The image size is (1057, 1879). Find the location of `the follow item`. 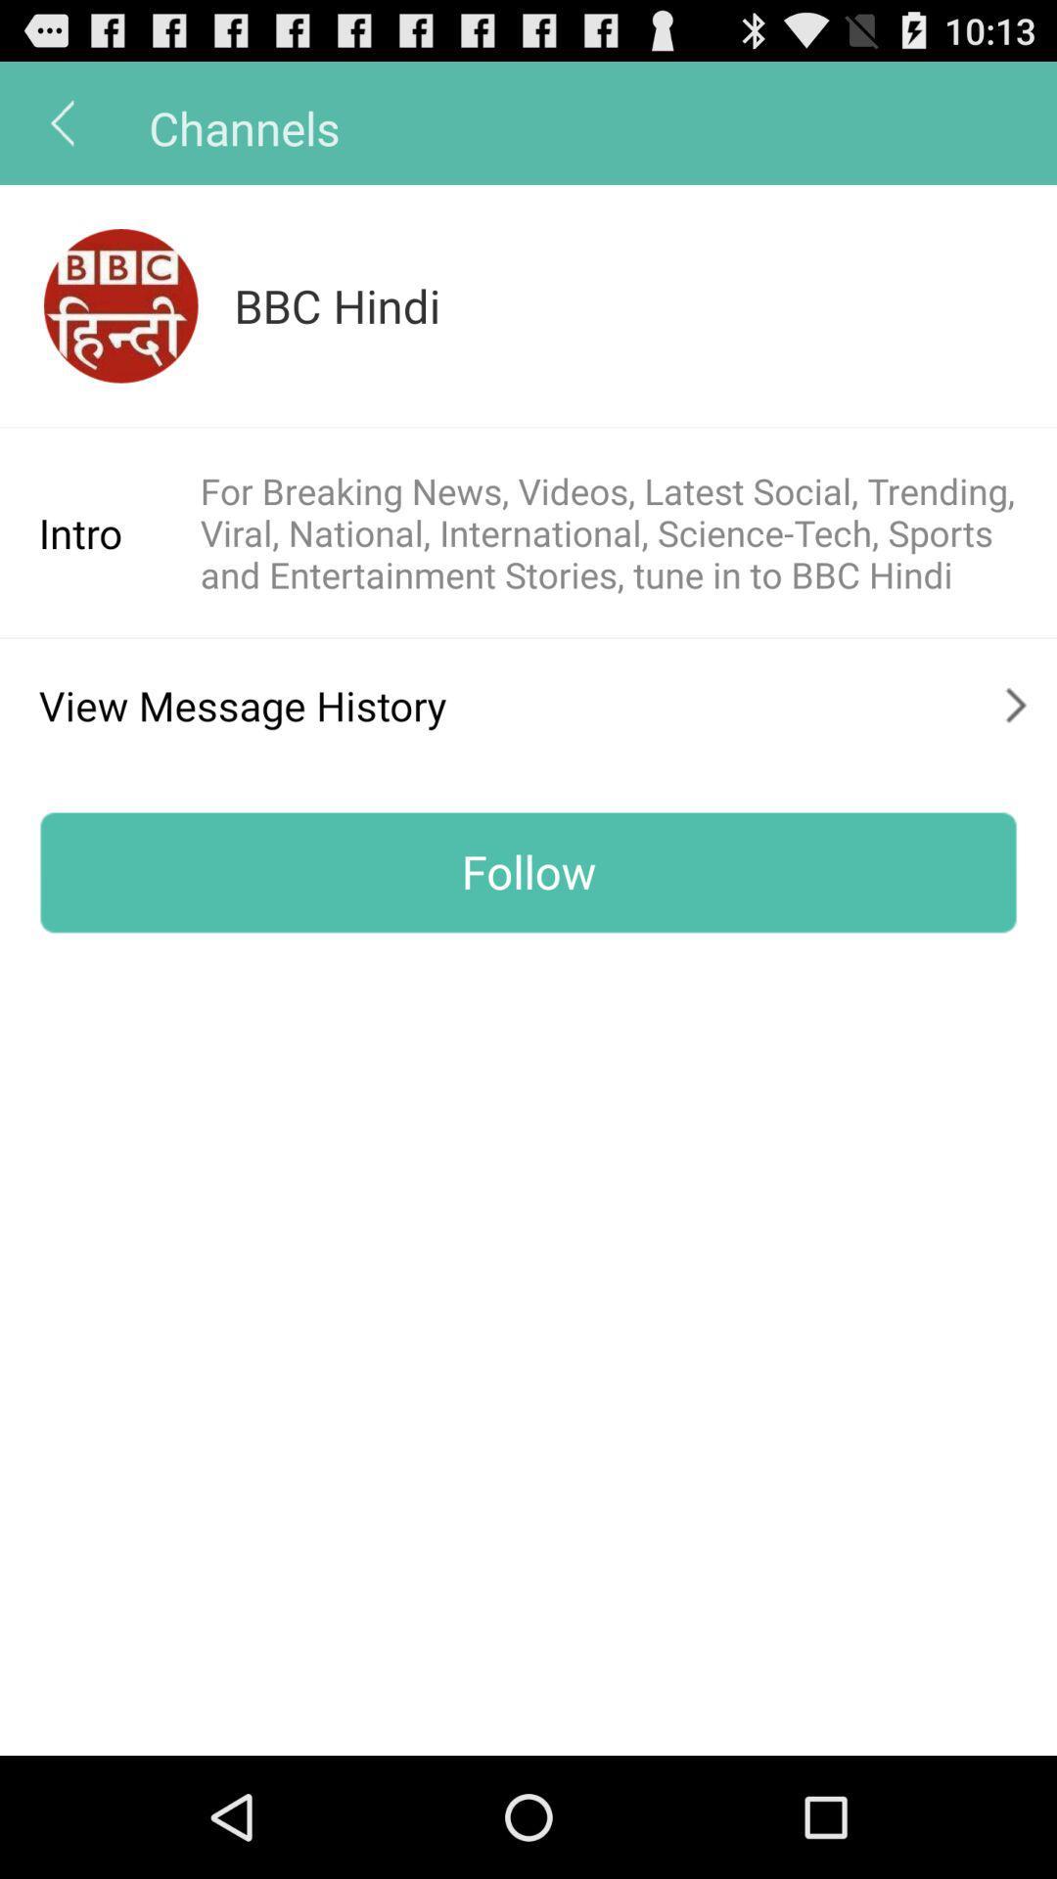

the follow item is located at coordinates (528, 871).